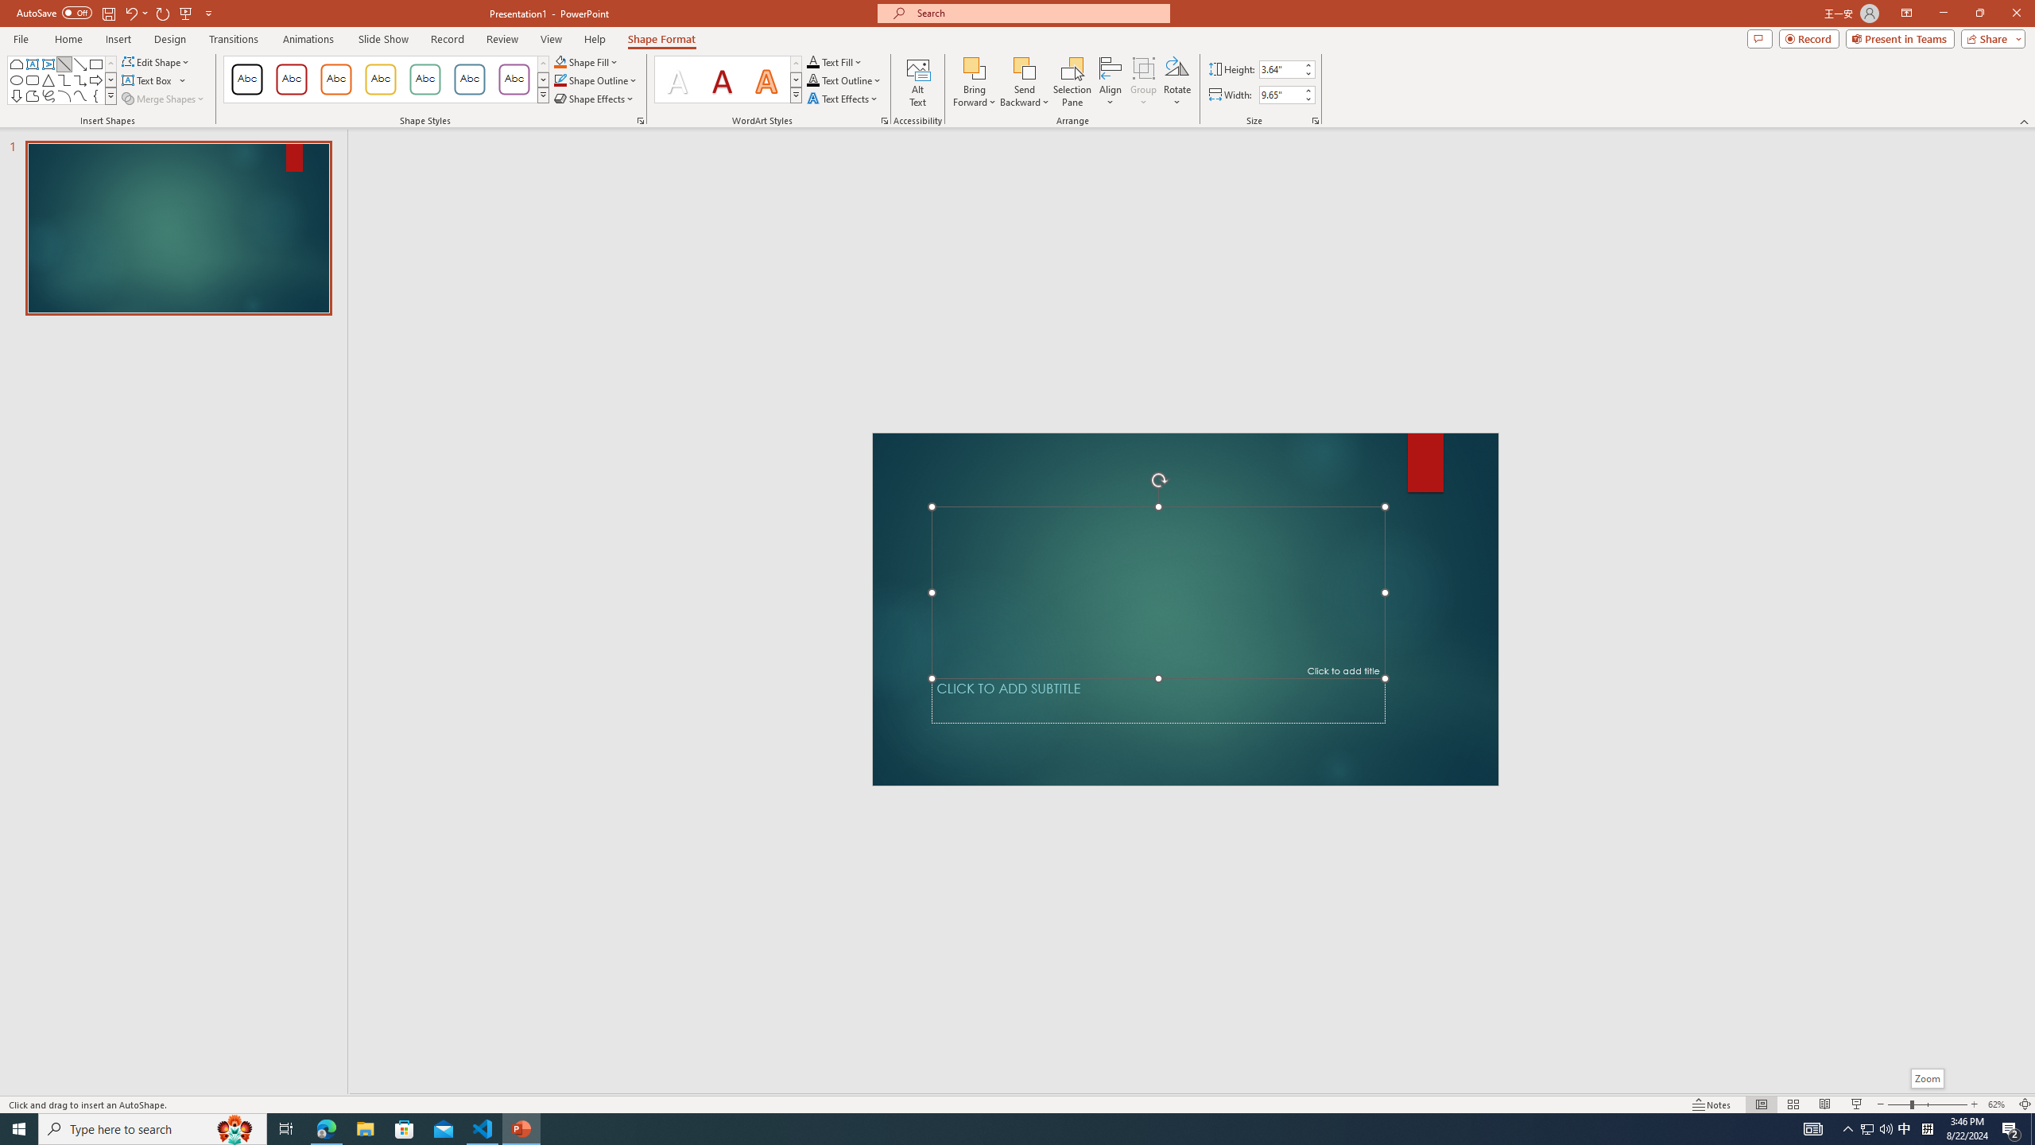 The image size is (2035, 1145). I want to click on 'Colored Outline - Gold, Accent 3', so click(379, 79).